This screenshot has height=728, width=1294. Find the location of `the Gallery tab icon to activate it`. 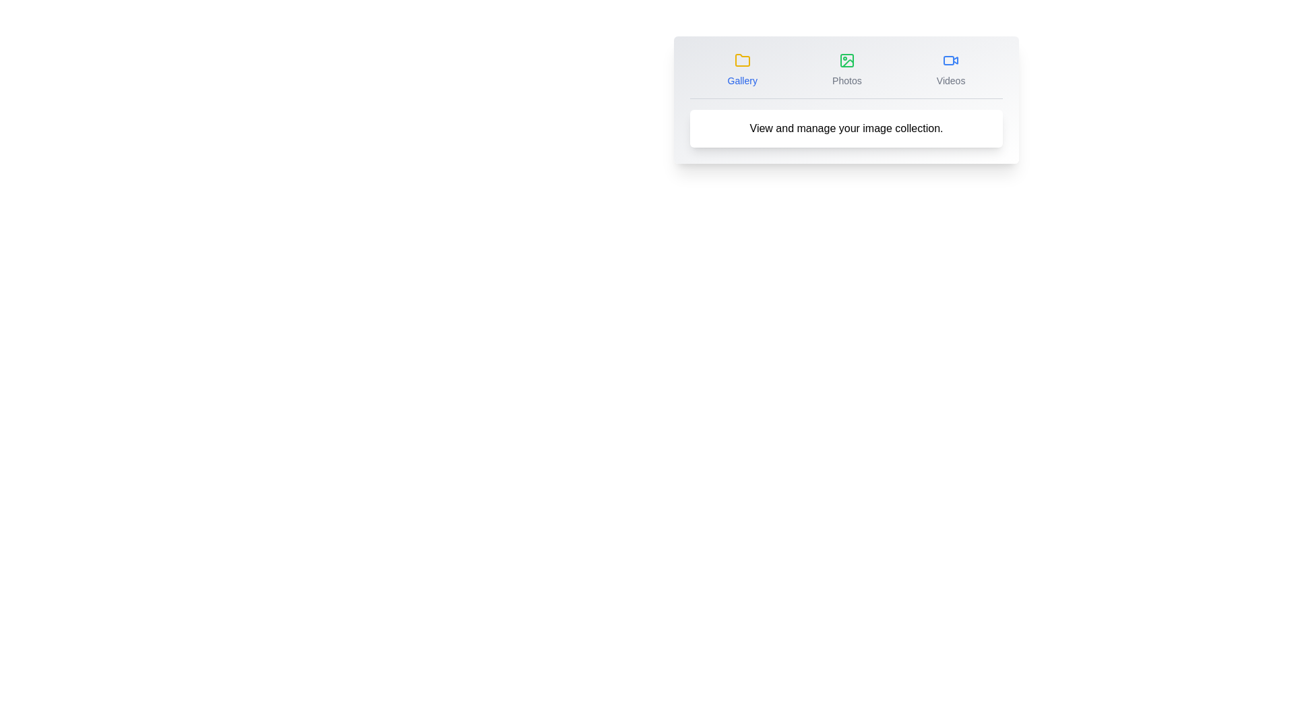

the Gallery tab icon to activate it is located at coordinates (741, 70).